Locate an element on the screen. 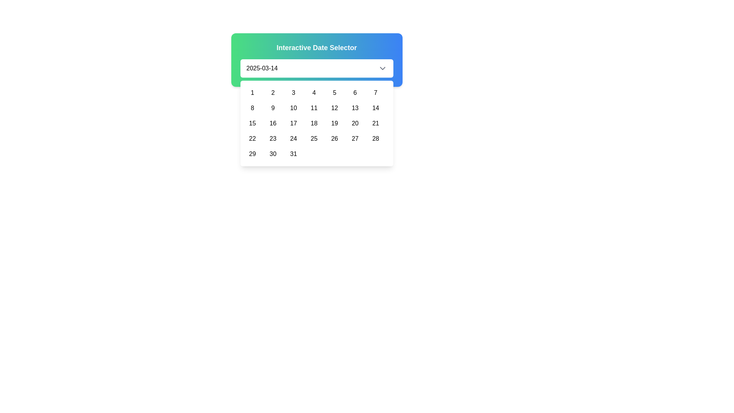  the button for the 9th day of the month in the date-picker interface is located at coordinates (273, 108).